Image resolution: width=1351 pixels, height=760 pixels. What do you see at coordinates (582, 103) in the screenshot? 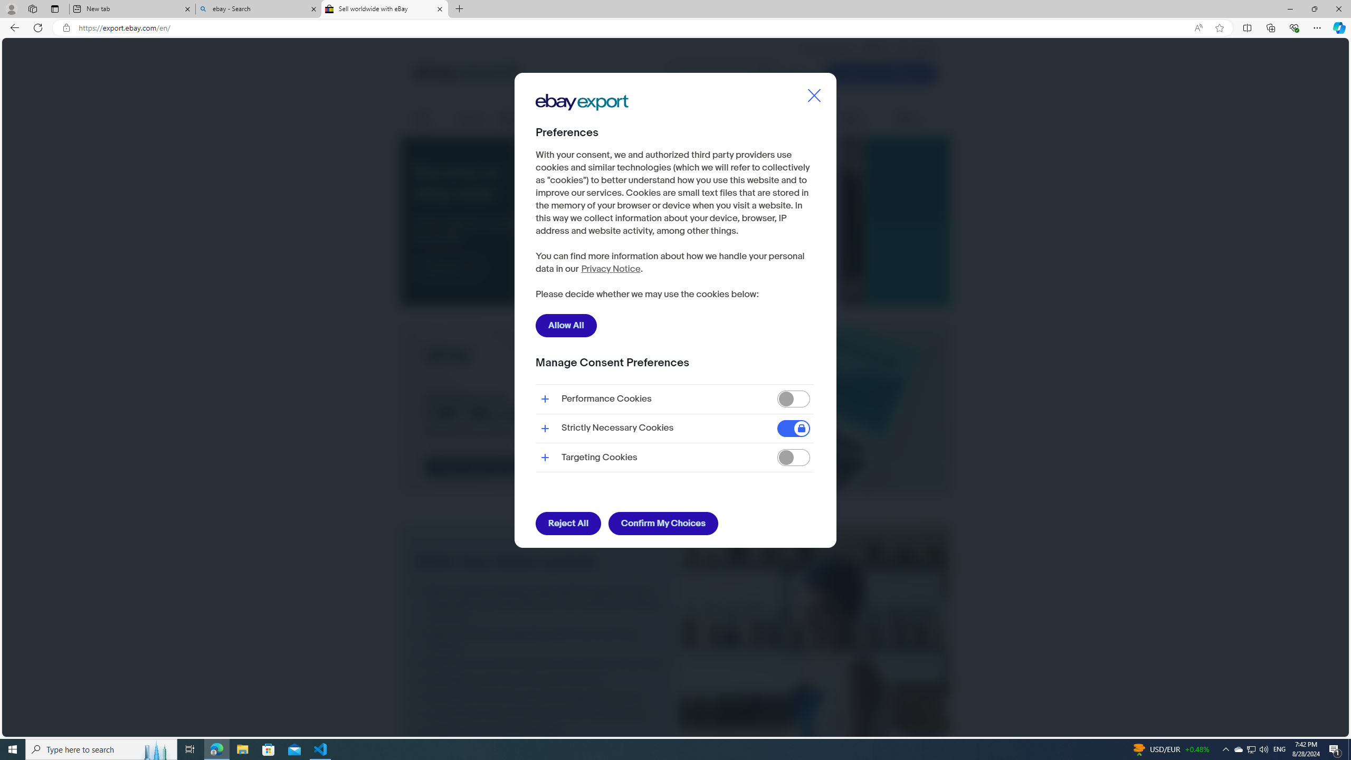
I see `'Company Logo'` at bounding box center [582, 103].